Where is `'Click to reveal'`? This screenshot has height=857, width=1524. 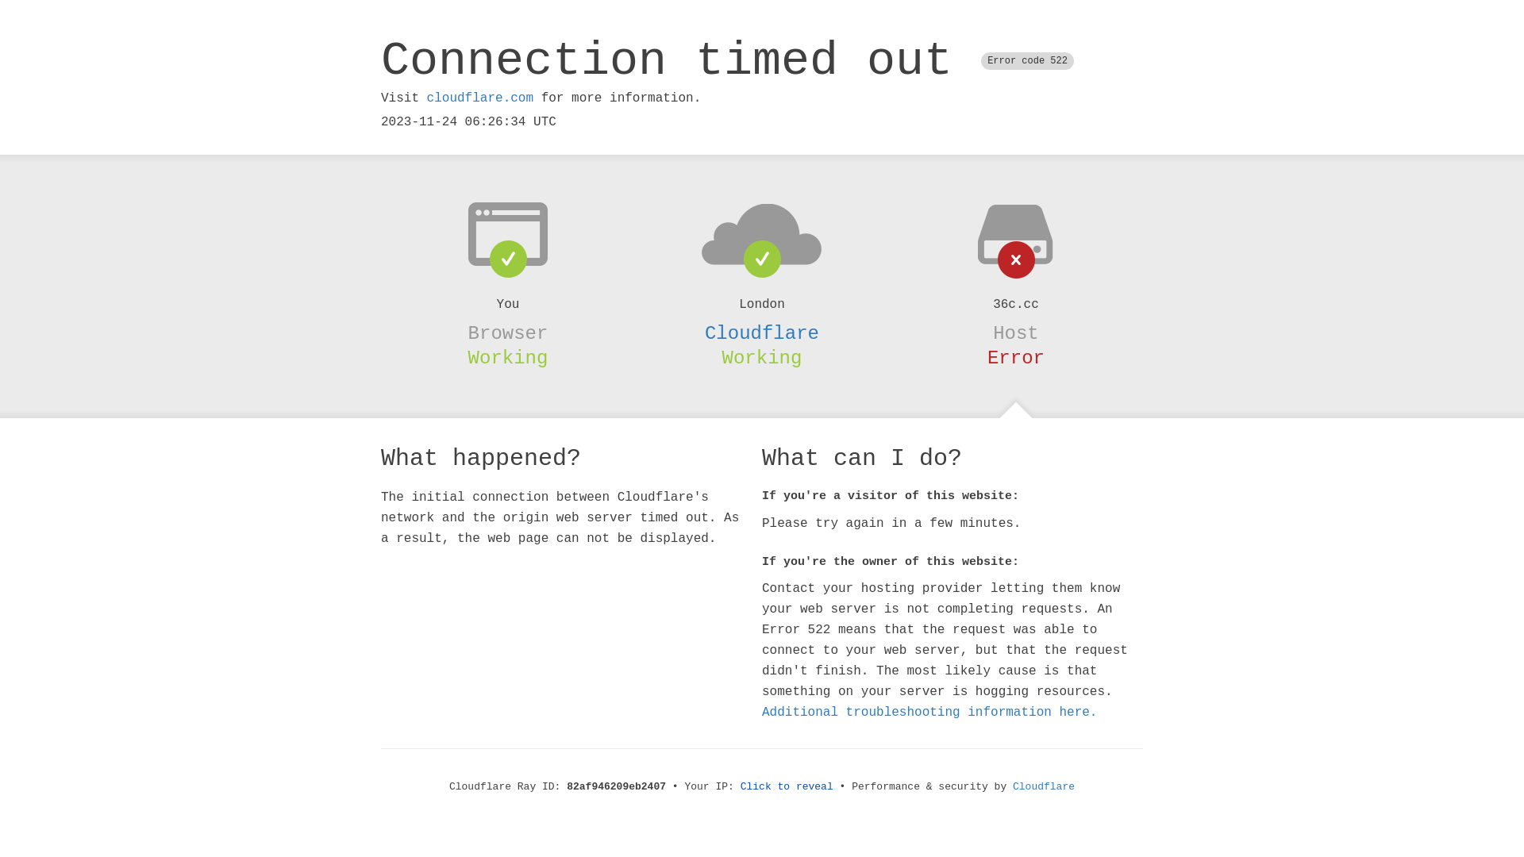 'Click to reveal' is located at coordinates (787, 786).